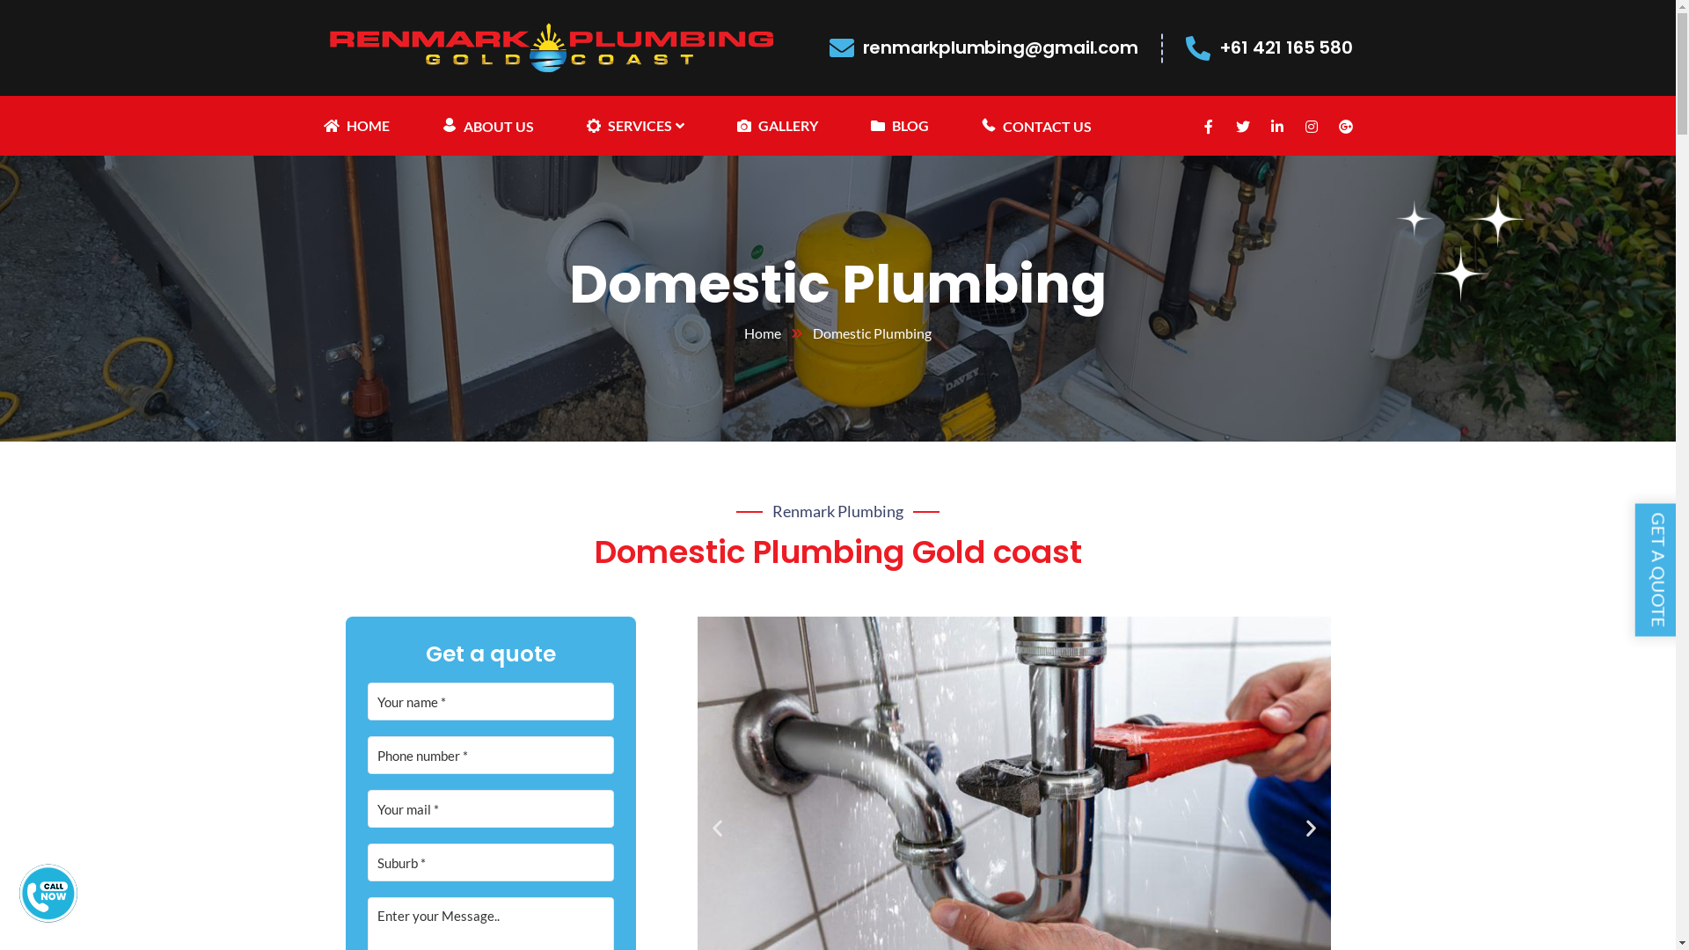 The width and height of the screenshot is (1689, 950). What do you see at coordinates (1036, 124) in the screenshot?
I see `'CONTACT US'` at bounding box center [1036, 124].